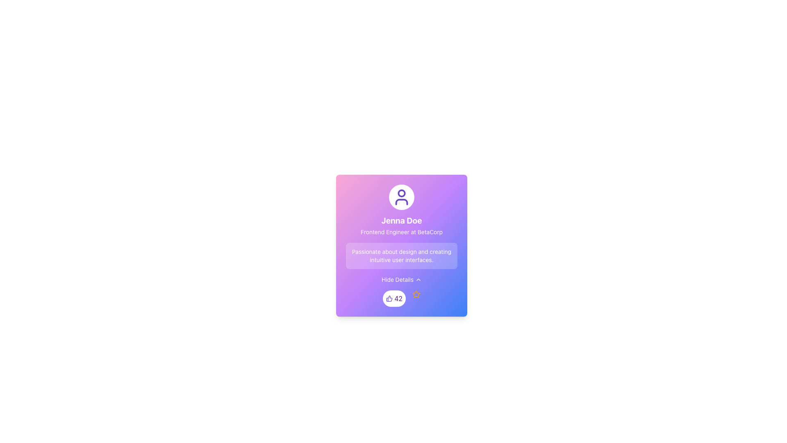 The image size is (787, 443). Describe the element at coordinates (394, 299) in the screenshot. I see `the small circular white button with a thumbs-up icon and the number '42' in bold purple text to like` at that location.